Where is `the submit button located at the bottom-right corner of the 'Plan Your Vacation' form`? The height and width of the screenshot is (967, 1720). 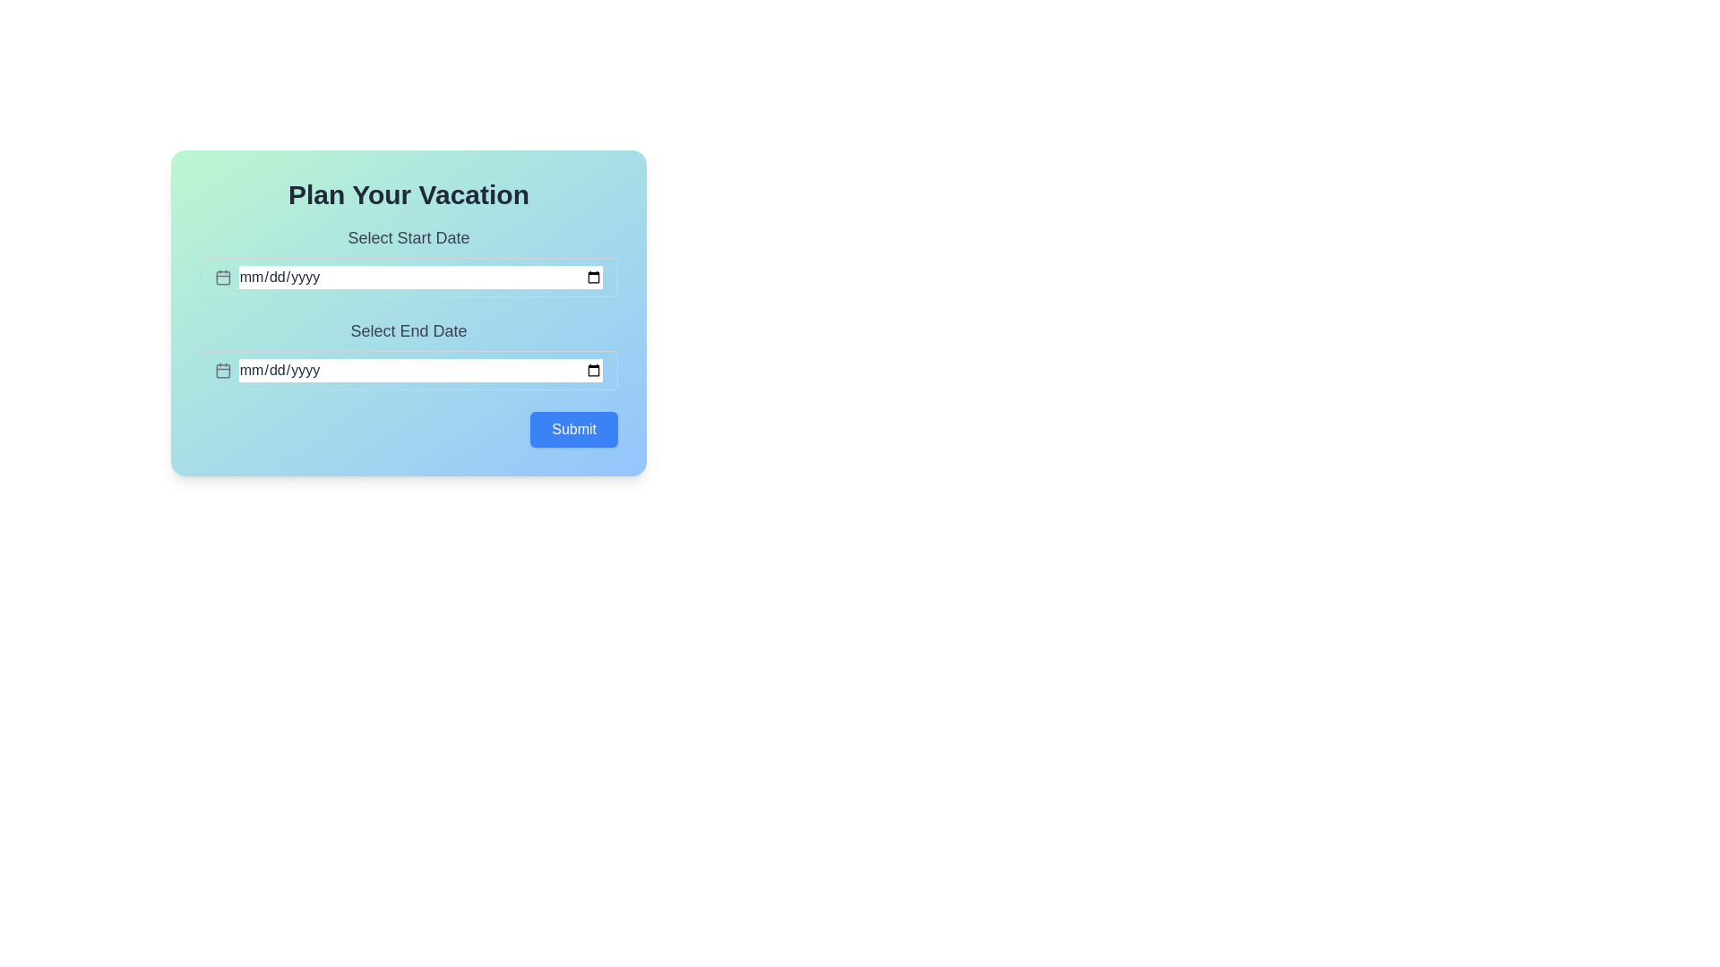
the submit button located at the bottom-right corner of the 'Plan Your Vacation' form is located at coordinates (574, 429).